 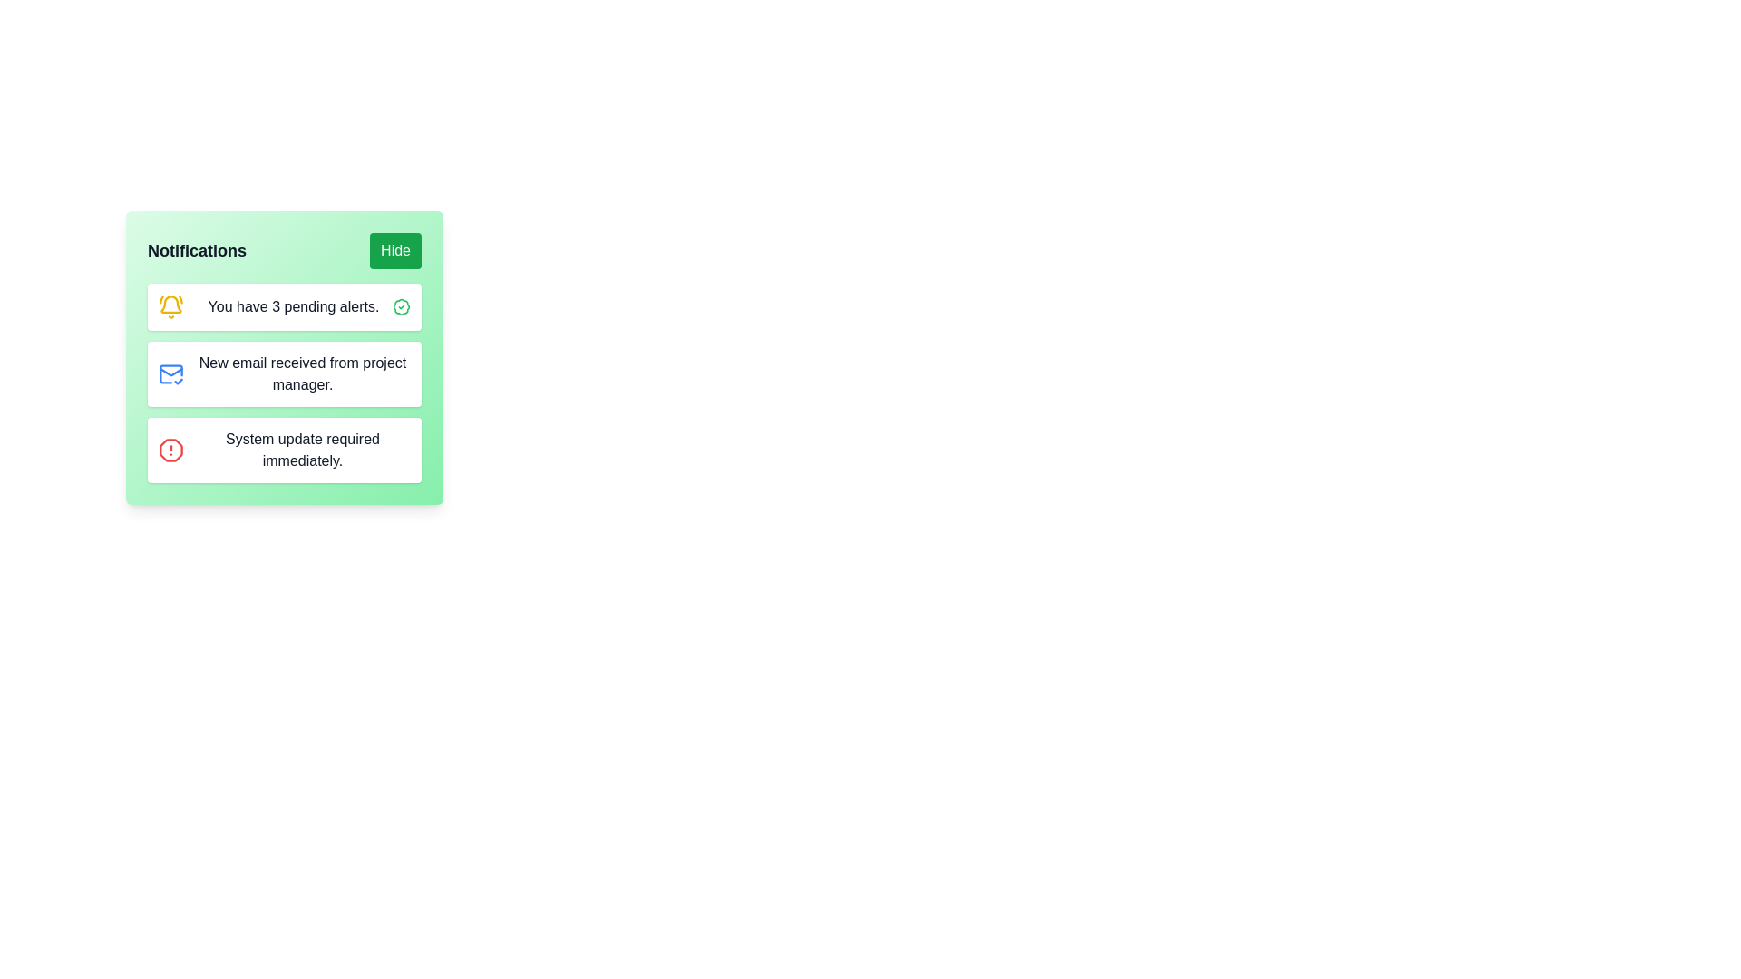 I want to click on the email notification icon next to the description 'New email received from project manager' in the green notification panel, so click(x=170, y=373).